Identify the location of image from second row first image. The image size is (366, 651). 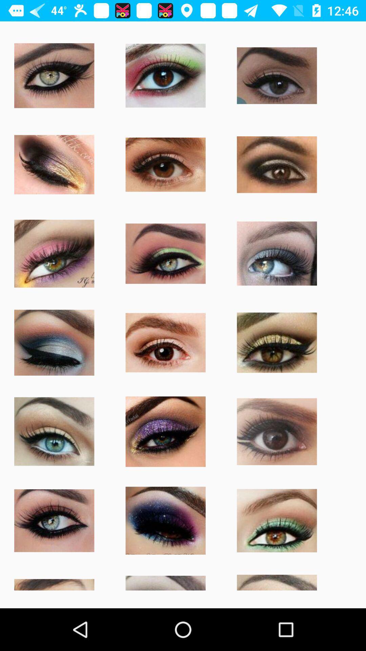
(54, 164).